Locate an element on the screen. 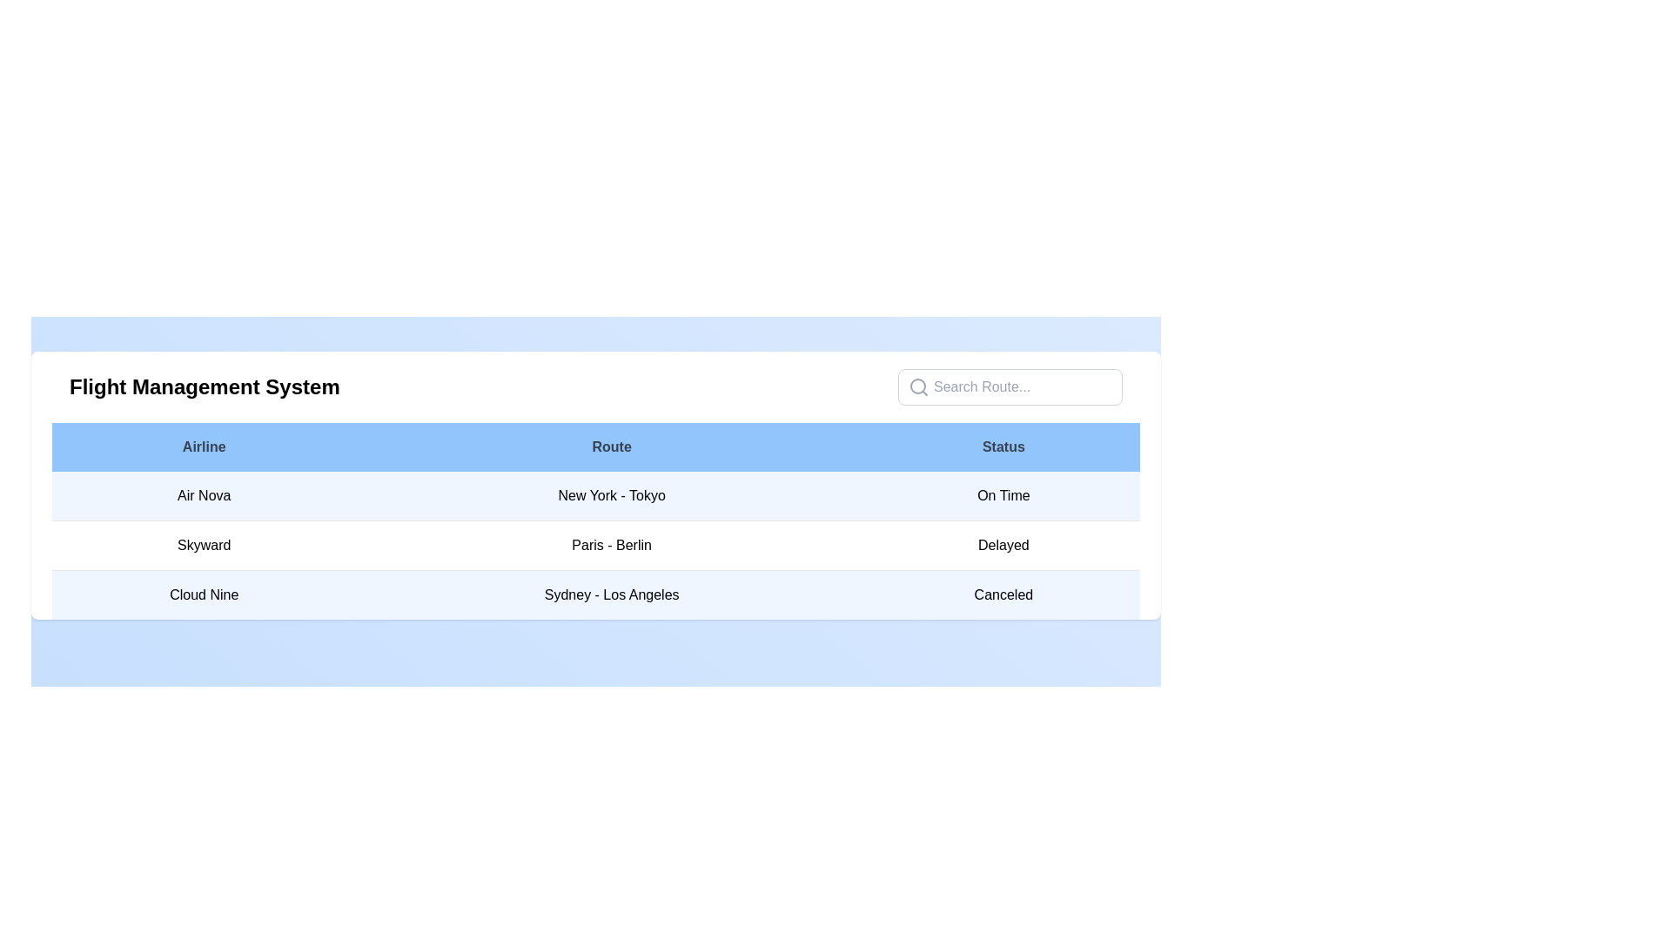  the Table Header Row containing the texts 'Airline', 'Route', and 'Status', which is styled with padding and a blue background is located at coordinates (596, 446).